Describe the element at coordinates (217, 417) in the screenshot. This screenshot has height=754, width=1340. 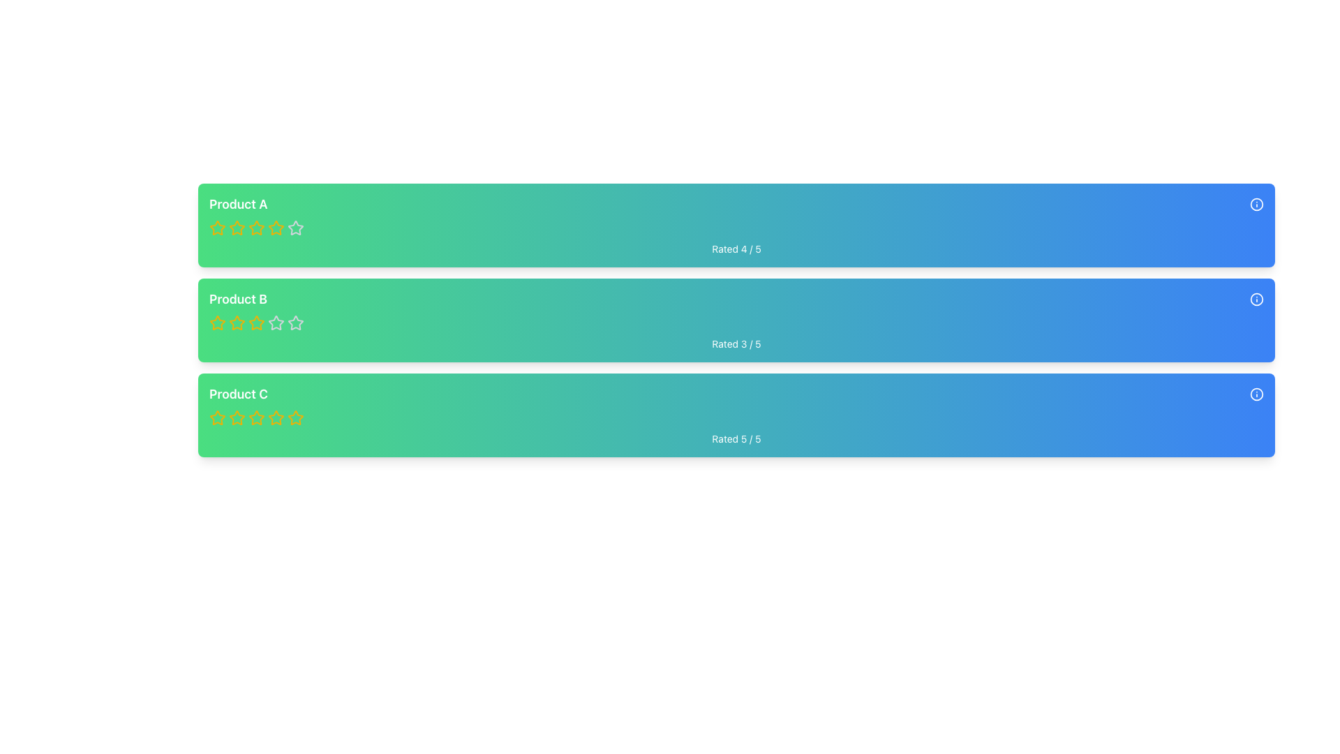
I see `first rating star icon for 'Product C' to receive visual feedback on its state` at that location.